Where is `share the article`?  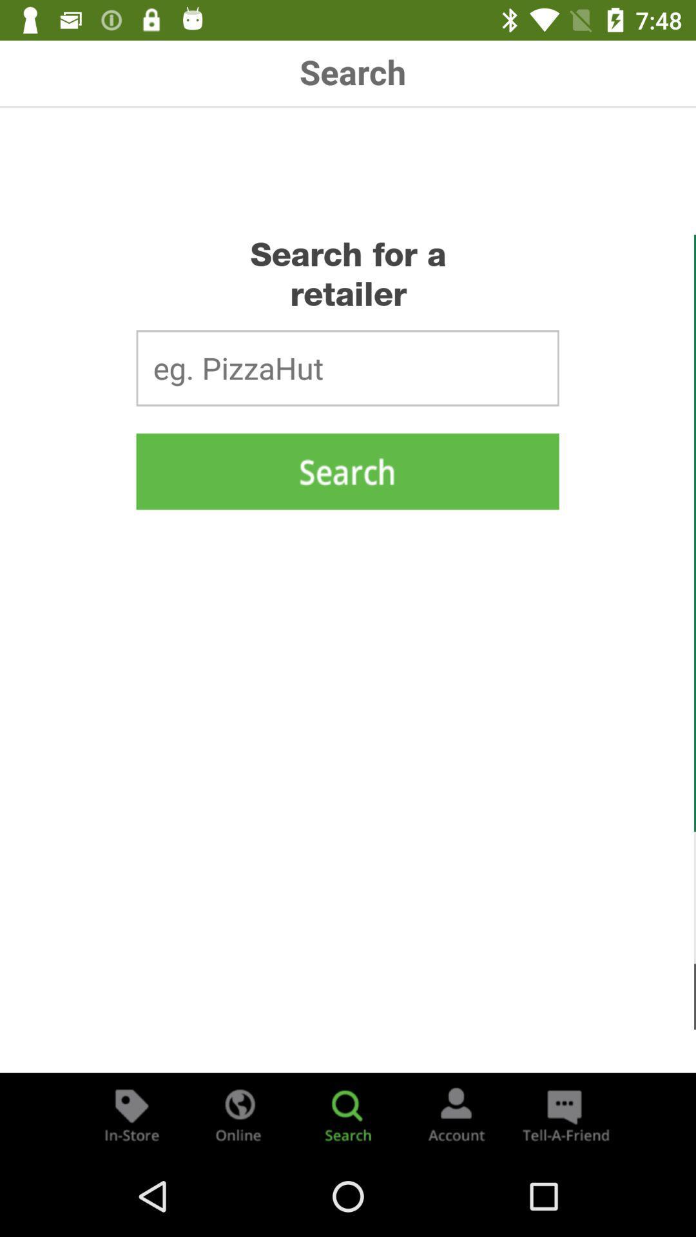
share the article is located at coordinates (563, 1113).